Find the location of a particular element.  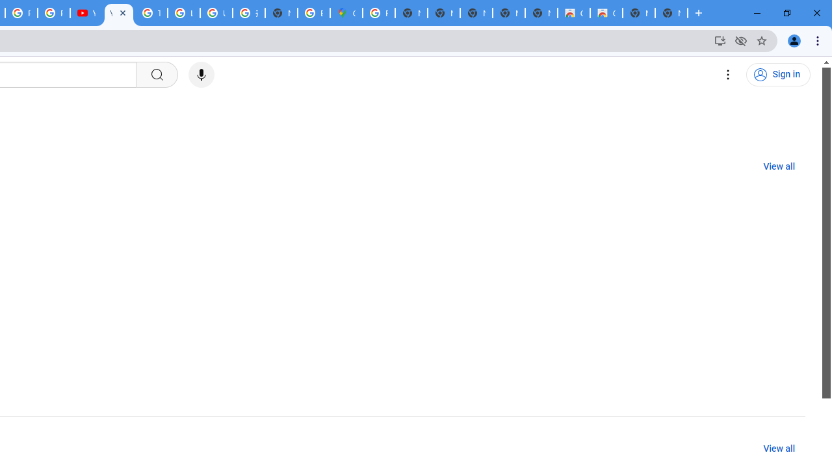

'Search with your voice' is located at coordinates (200, 75).